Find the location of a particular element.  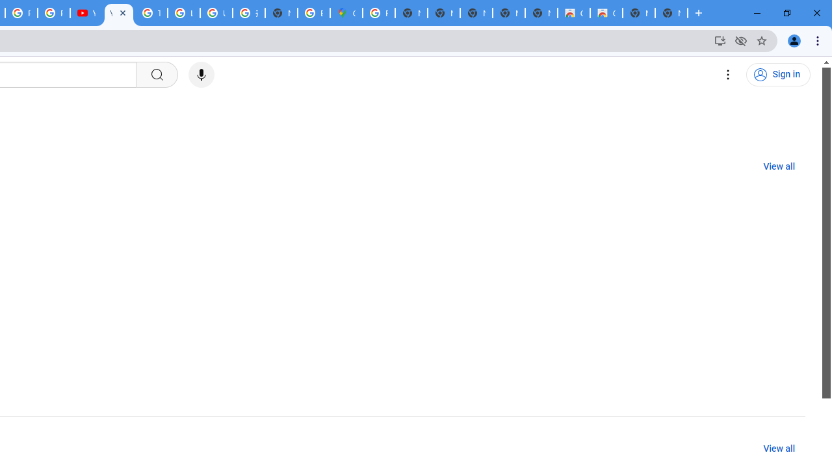

'Search with your voice' is located at coordinates (200, 75).